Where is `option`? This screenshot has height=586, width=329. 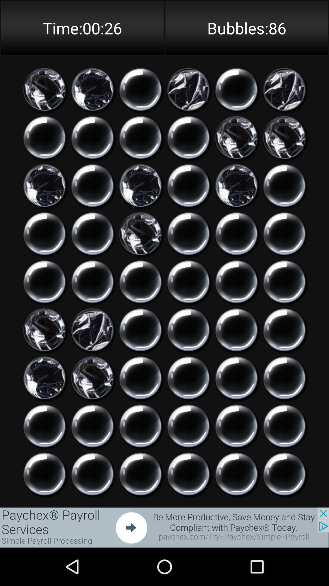 option is located at coordinates (140, 329).